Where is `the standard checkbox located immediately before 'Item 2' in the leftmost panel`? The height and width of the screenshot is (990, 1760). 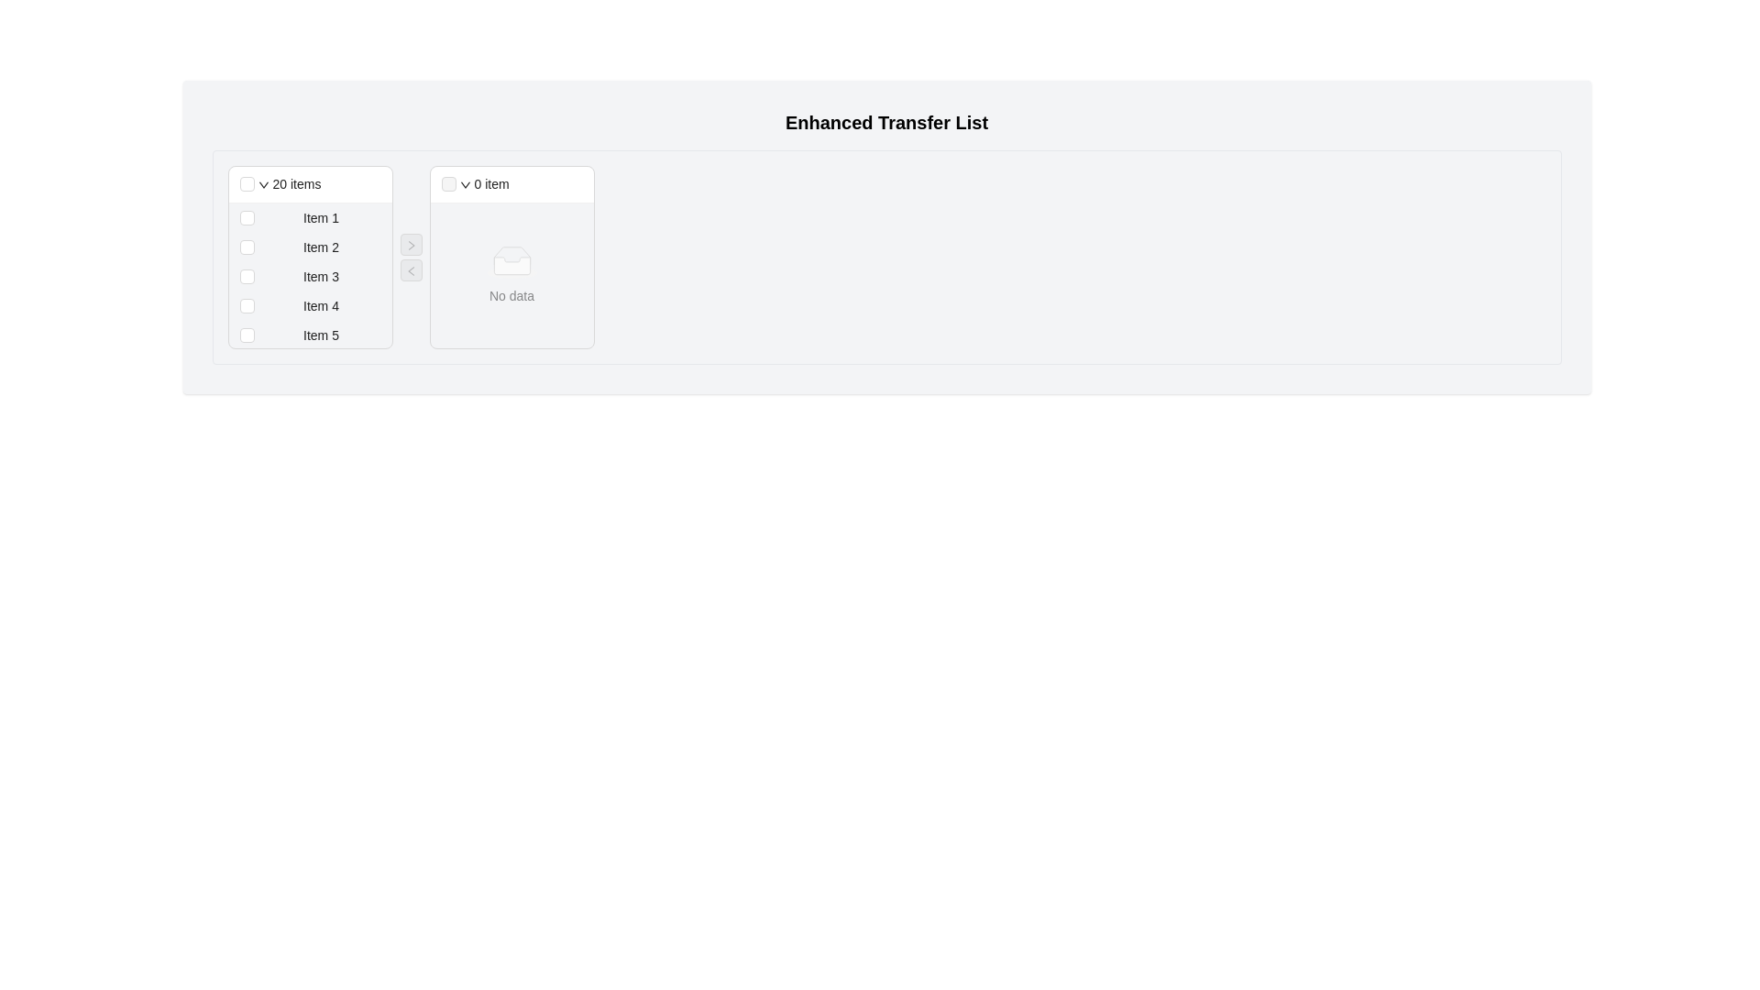 the standard checkbox located immediately before 'Item 2' in the leftmost panel is located at coordinates (246, 247).